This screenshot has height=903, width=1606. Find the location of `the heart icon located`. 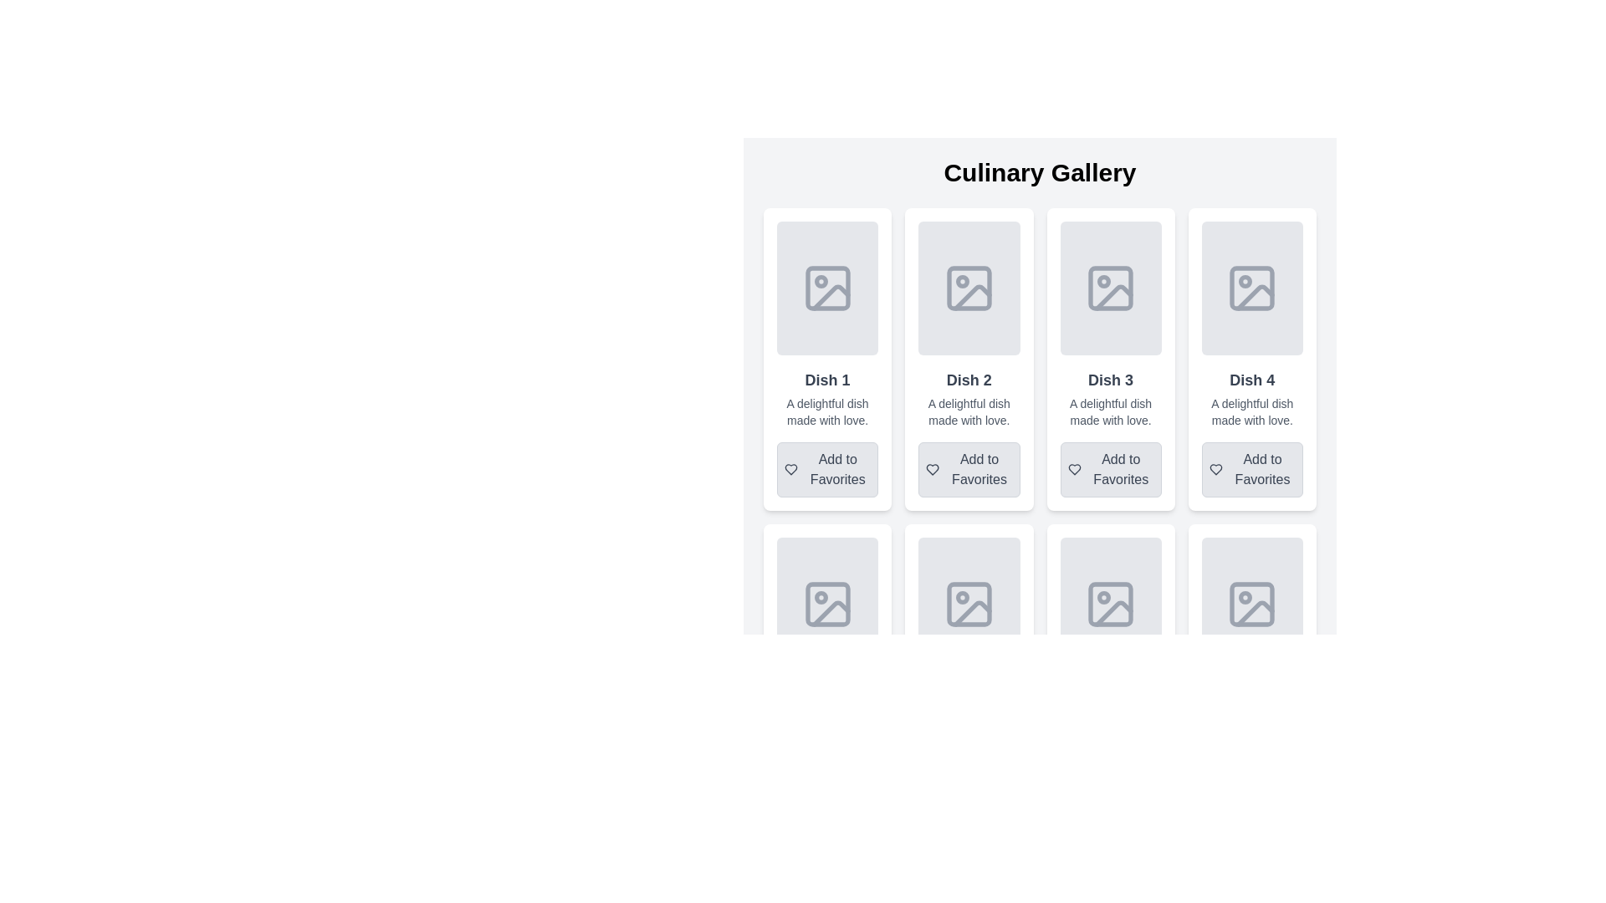

the heart icon located is located at coordinates (1215, 470).